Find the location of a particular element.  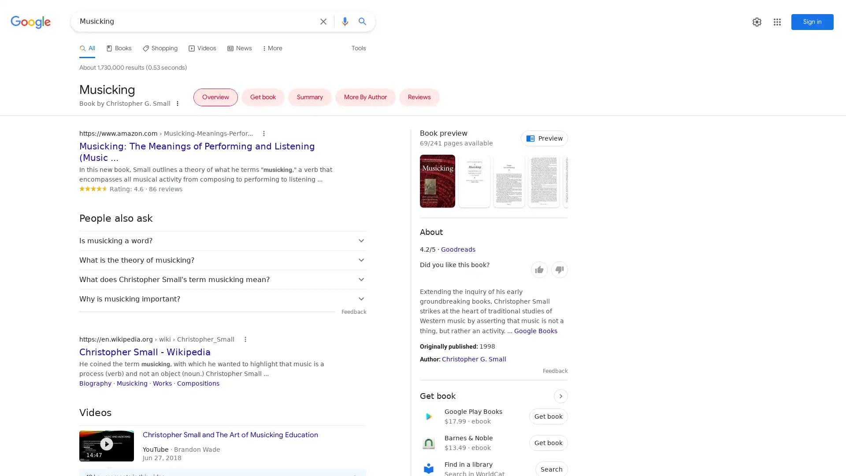

Like is located at coordinates (539, 269).